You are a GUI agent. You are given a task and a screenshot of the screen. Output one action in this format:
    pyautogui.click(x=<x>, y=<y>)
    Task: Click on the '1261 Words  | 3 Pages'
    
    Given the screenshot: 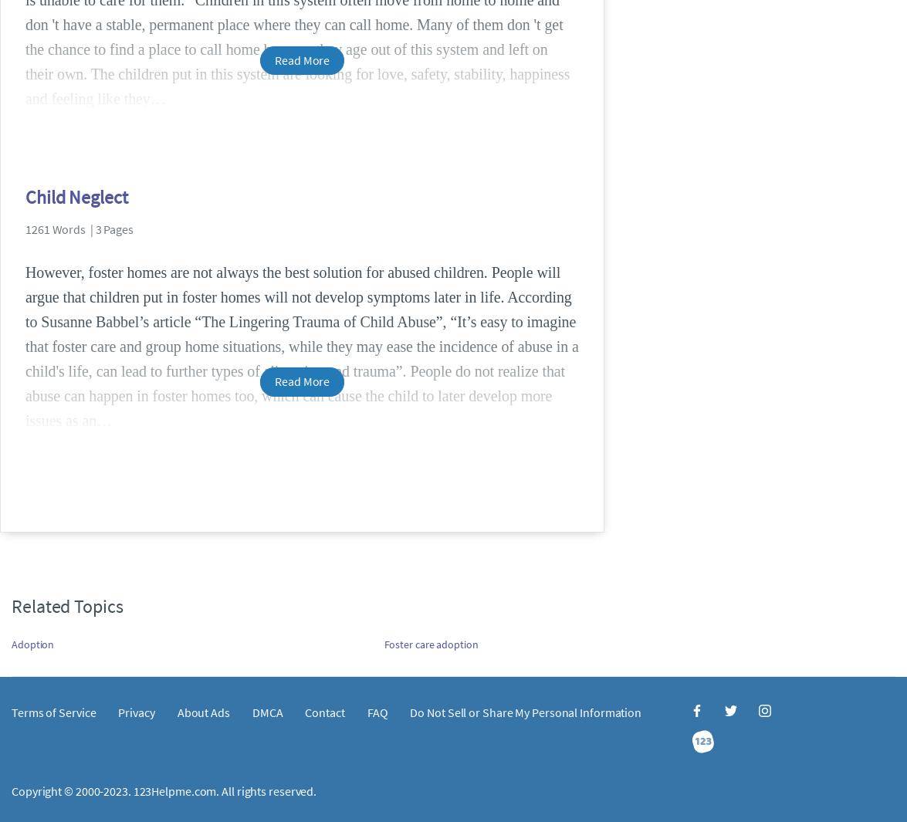 What is the action you would take?
    pyautogui.click(x=79, y=227)
    